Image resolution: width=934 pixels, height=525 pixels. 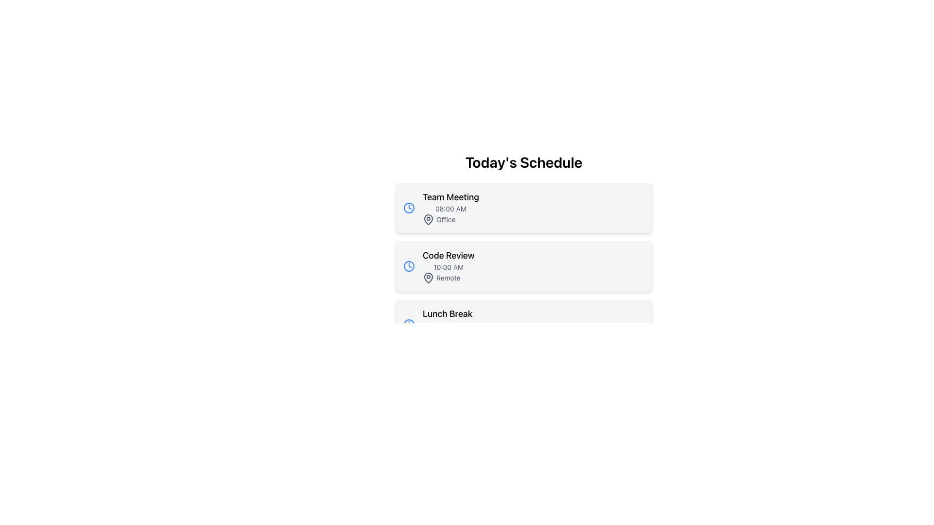 What do you see at coordinates (428, 219) in the screenshot?
I see `the pin-shaped icon resembling a map location marker located to the left of the text 'Office'` at bounding box center [428, 219].